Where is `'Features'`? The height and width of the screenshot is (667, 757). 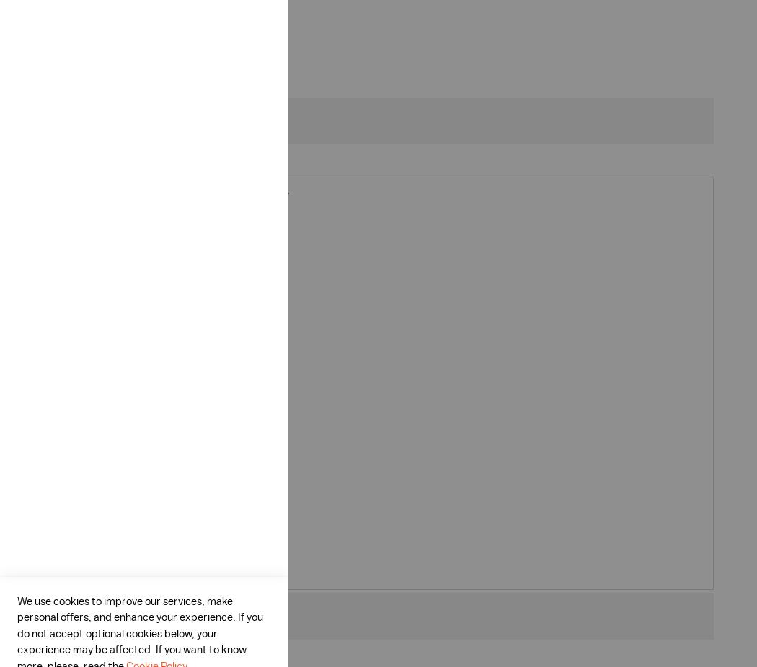 'Features' is located at coordinates (88, 119).